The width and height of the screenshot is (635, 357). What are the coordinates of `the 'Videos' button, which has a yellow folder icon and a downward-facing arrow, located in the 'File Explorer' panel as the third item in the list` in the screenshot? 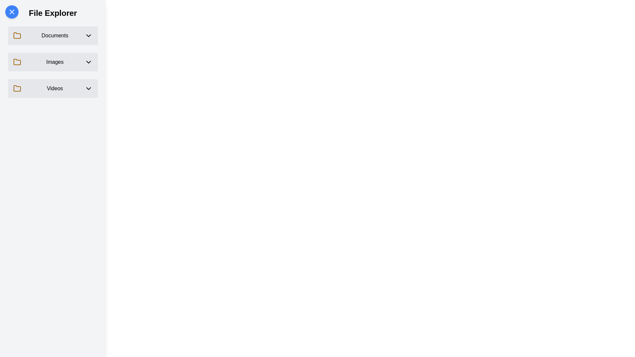 It's located at (52, 88).